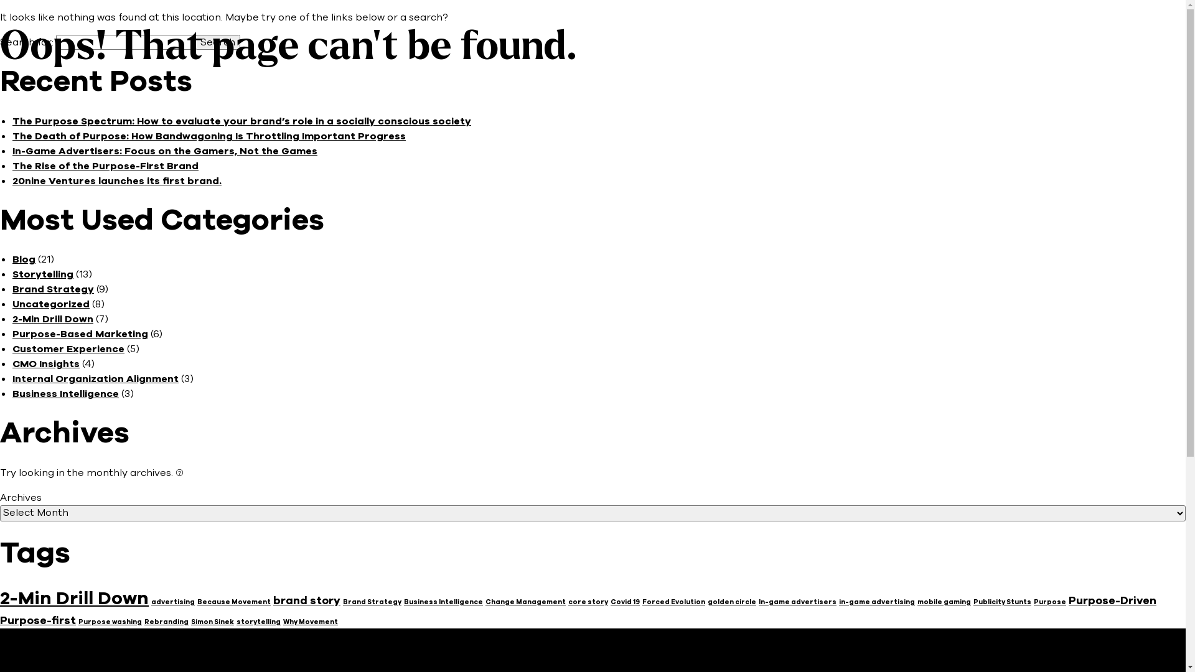  Describe the element at coordinates (42, 273) in the screenshot. I see `'Storytelling'` at that location.